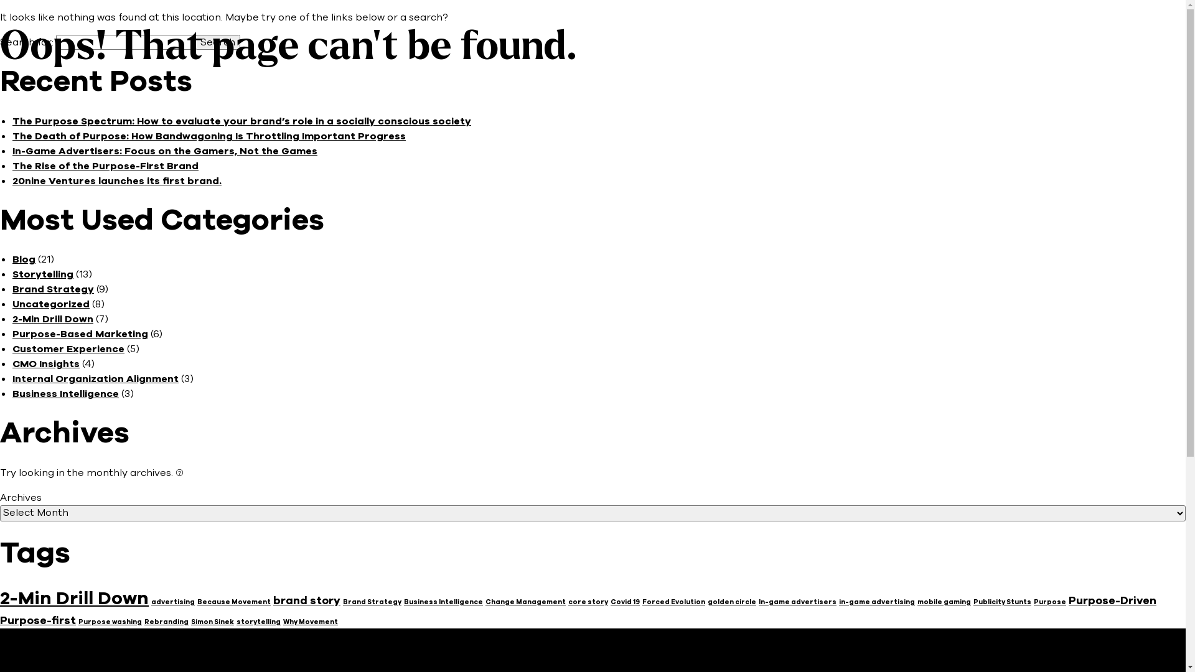  Describe the element at coordinates (42, 273) in the screenshot. I see `'Storytelling'` at that location.